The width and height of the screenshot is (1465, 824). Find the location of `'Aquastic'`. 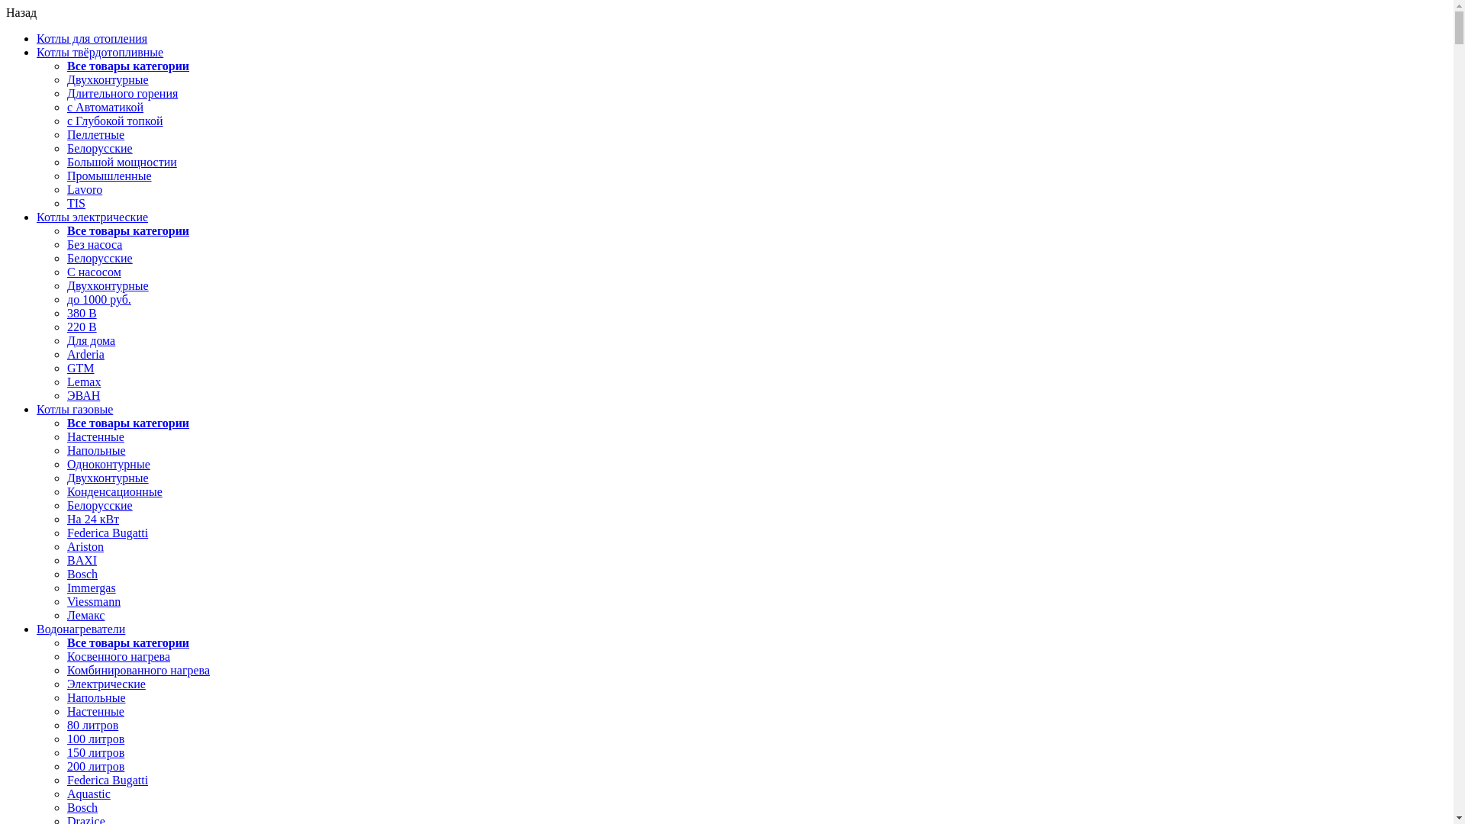

'Aquastic' is located at coordinates (88, 793).